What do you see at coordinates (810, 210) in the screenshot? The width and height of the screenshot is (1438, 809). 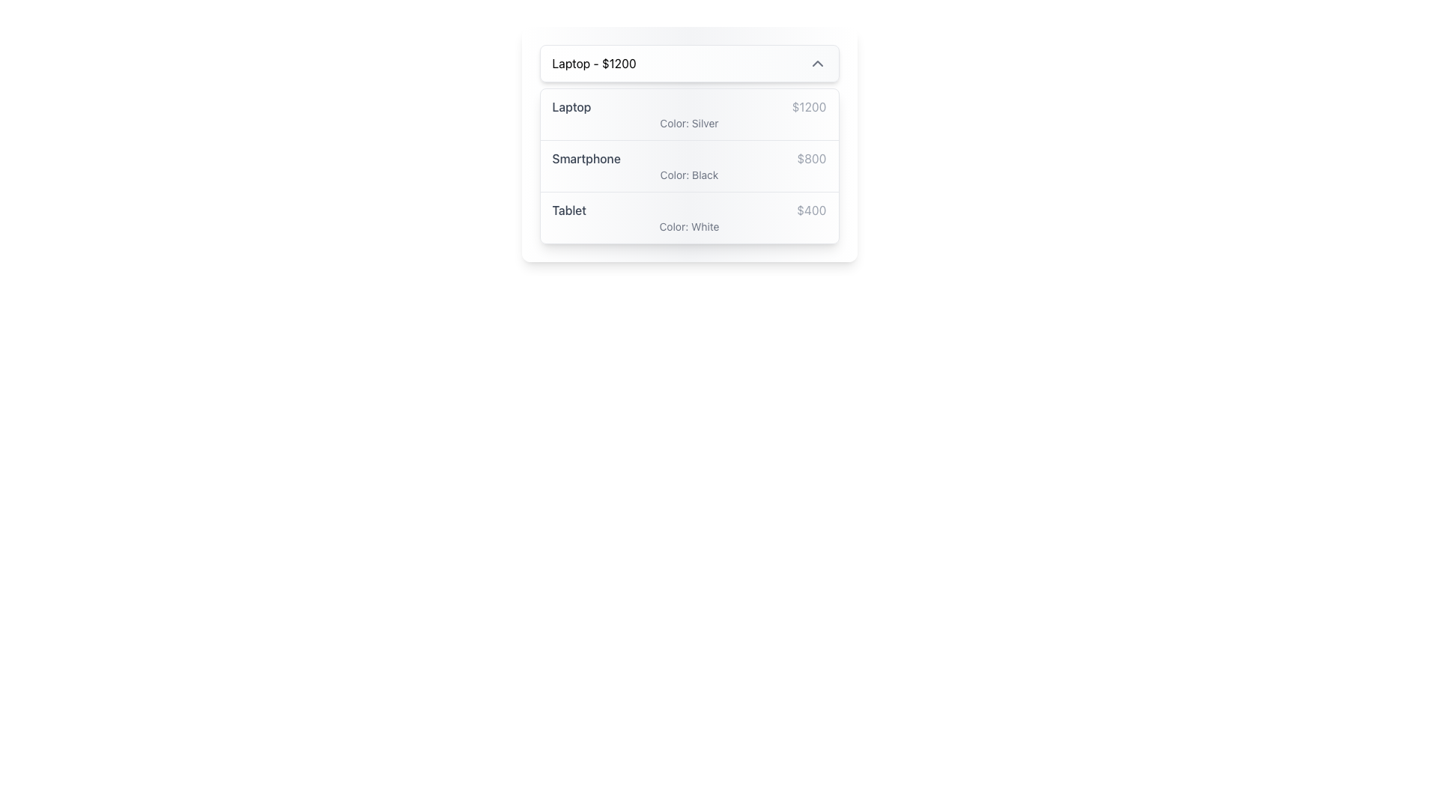 I see `the price text element displaying '$400', which is styled in gray and located in the third row of the dropdown panel next to the 'Tablet' label` at bounding box center [810, 210].